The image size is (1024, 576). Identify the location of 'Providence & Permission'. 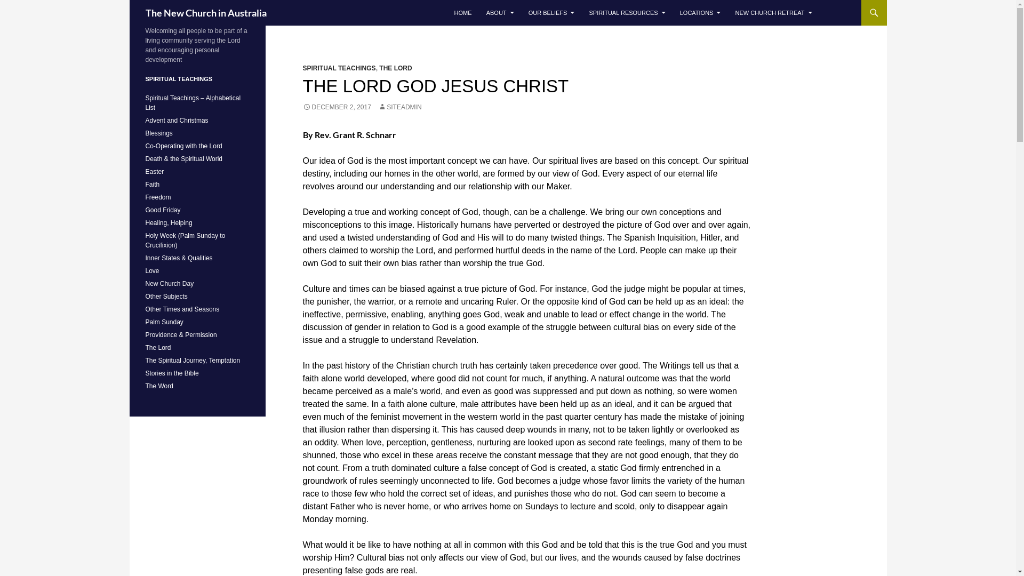
(181, 334).